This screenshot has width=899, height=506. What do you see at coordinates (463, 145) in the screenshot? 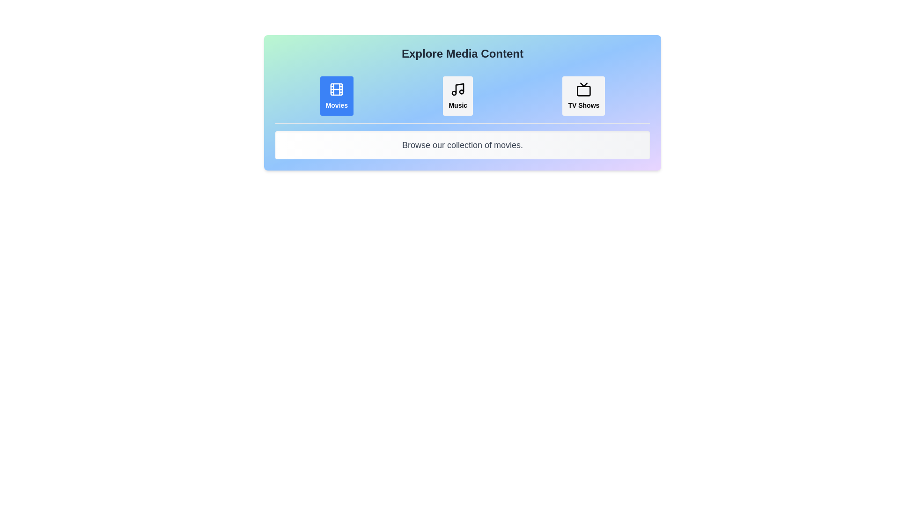
I see `the text banner styled with a gradient that displays the sentence 'Browse our collection of movies.' which is located below the components labeled 'Movies,' 'Music,' and 'TV Shows.'` at bounding box center [463, 145].